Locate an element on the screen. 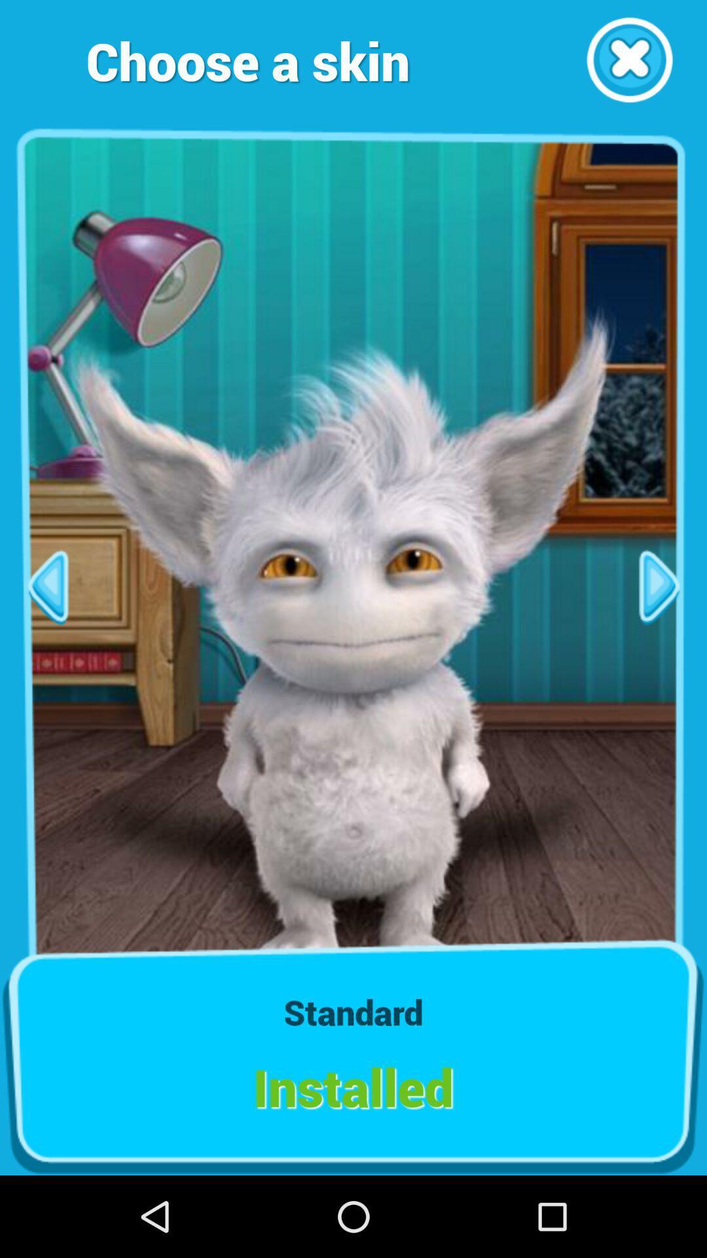 This screenshot has height=1258, width=707. next is located at coordinates (659, 586).